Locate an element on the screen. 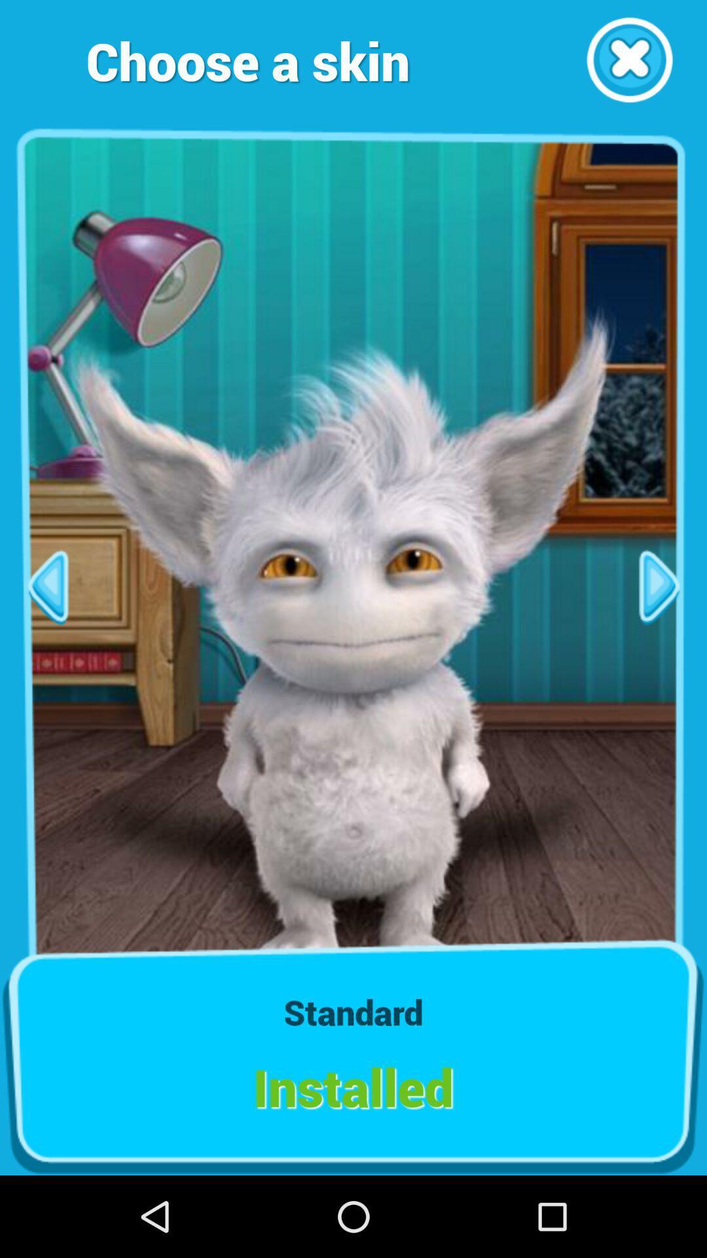 This screenshot has height=1258, width=707. next is located at coordinates (659, 586).